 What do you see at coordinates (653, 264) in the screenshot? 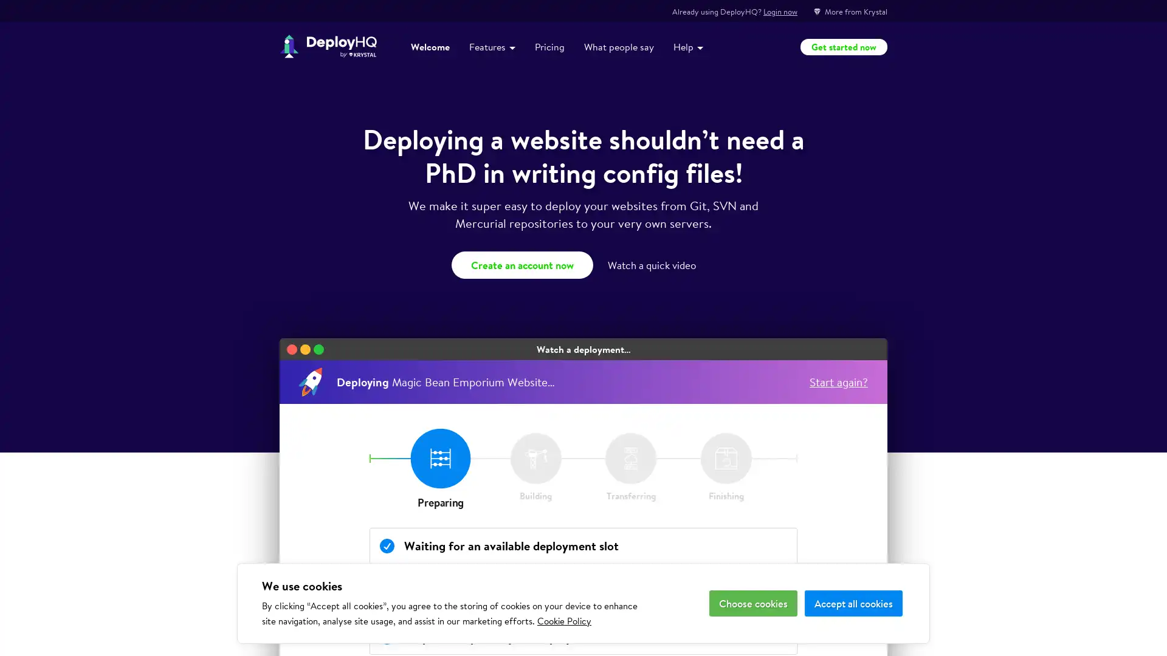
I see `Watch a quick video` at bounding box center [653, 264].